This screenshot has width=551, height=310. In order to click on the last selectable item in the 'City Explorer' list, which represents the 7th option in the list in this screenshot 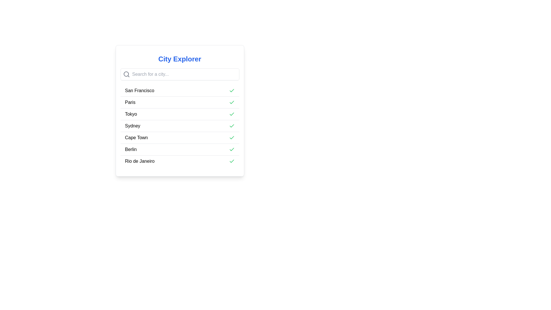, I will do `click(179, 161)`.